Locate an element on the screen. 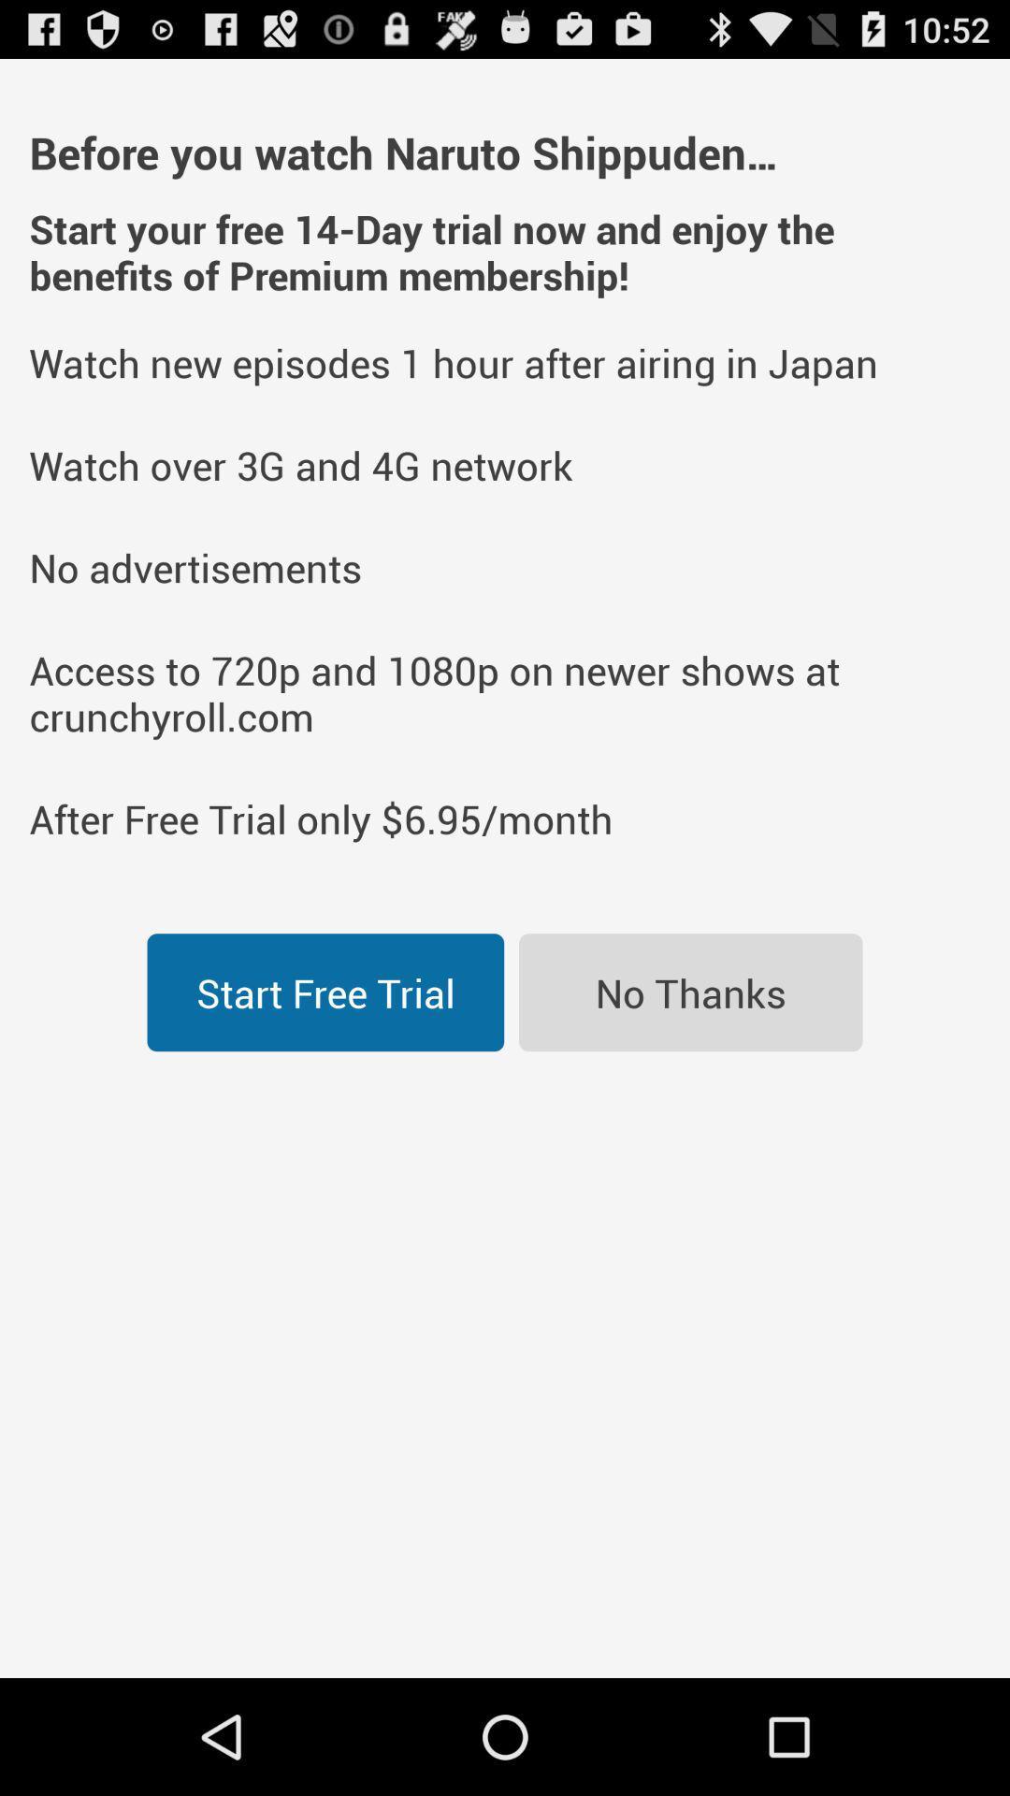 This screenshot has width=1010, height=1796. the icon next to the start free trial icon is located at coordinates (690, 992).